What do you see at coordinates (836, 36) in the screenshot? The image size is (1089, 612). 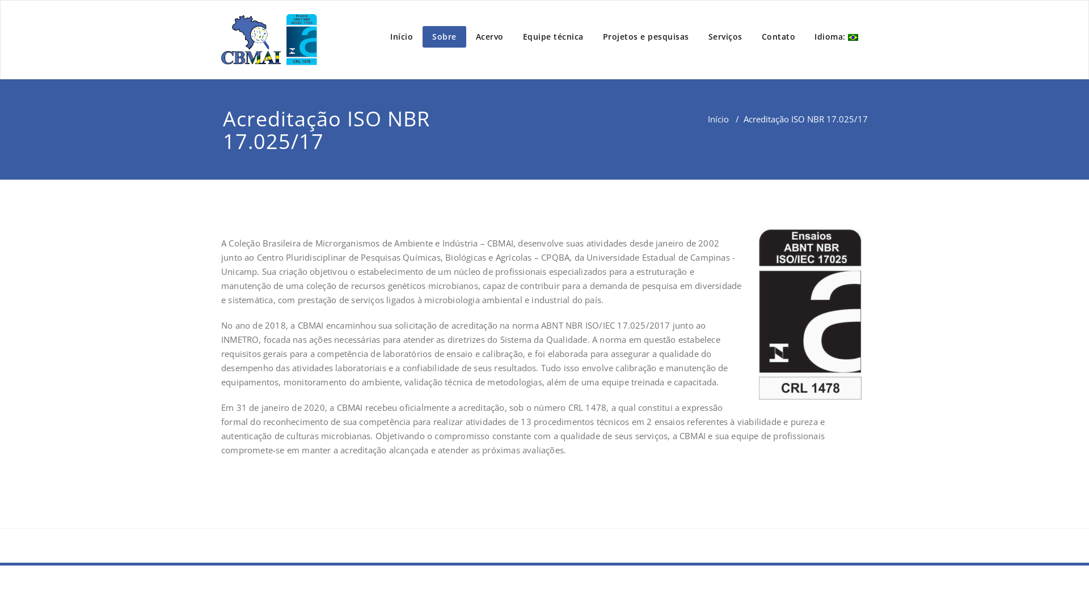 I see `'Idioma: '` at bounding box center [836, 36].